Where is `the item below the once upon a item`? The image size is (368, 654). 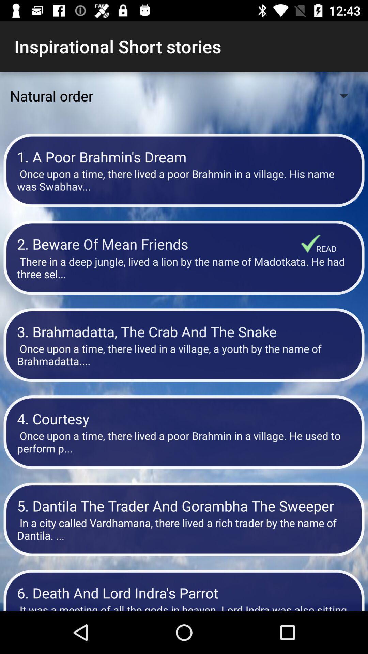
the item below the once upon a item is located at coordinates (311, 244).